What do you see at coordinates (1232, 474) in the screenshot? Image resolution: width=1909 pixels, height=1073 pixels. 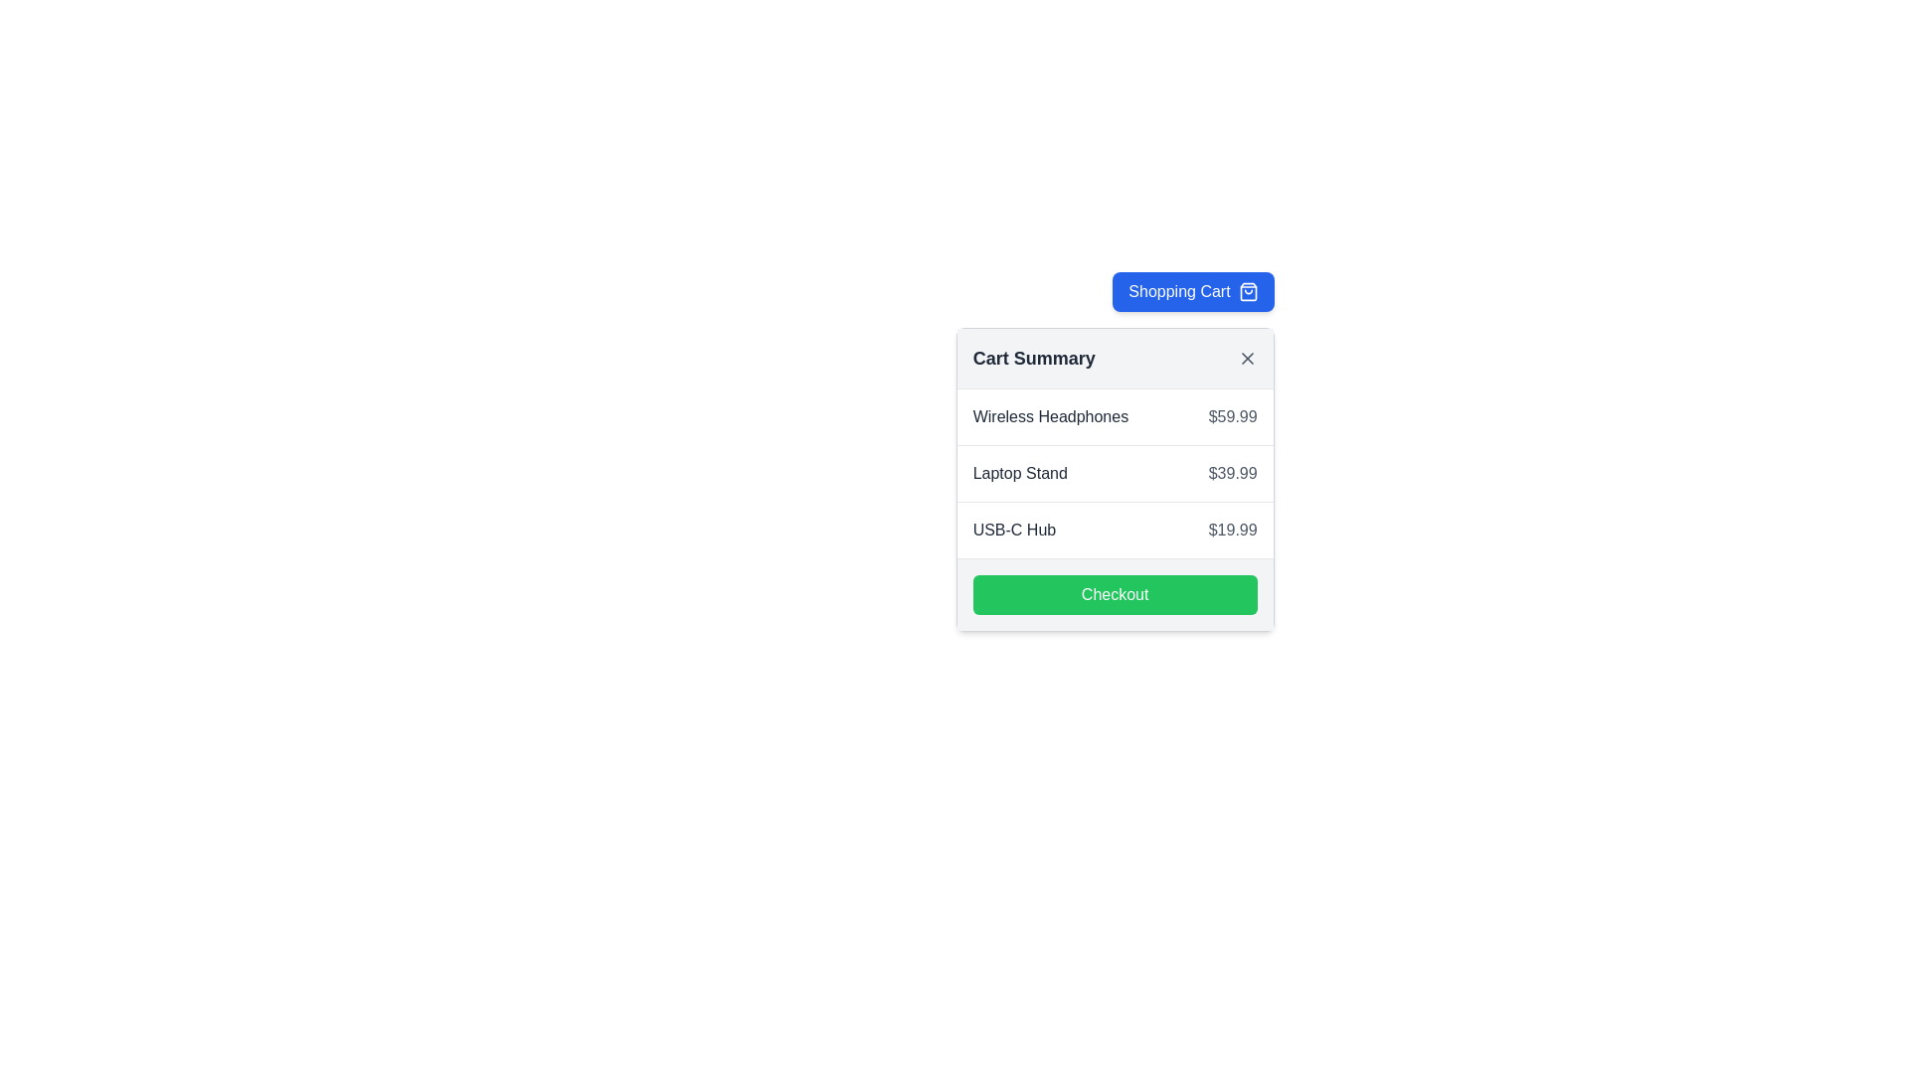 I see `the text label displaying the price "$39.99" located in the right column of the shopping cart, aligned with the item name "Laptop Stand" in the second row` at bounding box center [1232, 474].